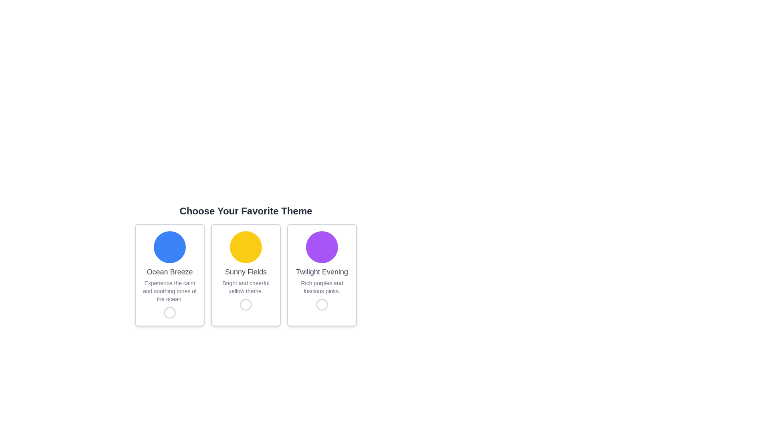 The image size is (769, 432). What do you see at coordinates (246, 274) in the screenshot?
I see `the 'Sunny Fields' selectable card visually, which is the second card in the 'Choose Your Favorite Theme' section, featuring a bright yellow circular icon, bold text, and a circular selector at the bottom` at bounding box center [246, 274].